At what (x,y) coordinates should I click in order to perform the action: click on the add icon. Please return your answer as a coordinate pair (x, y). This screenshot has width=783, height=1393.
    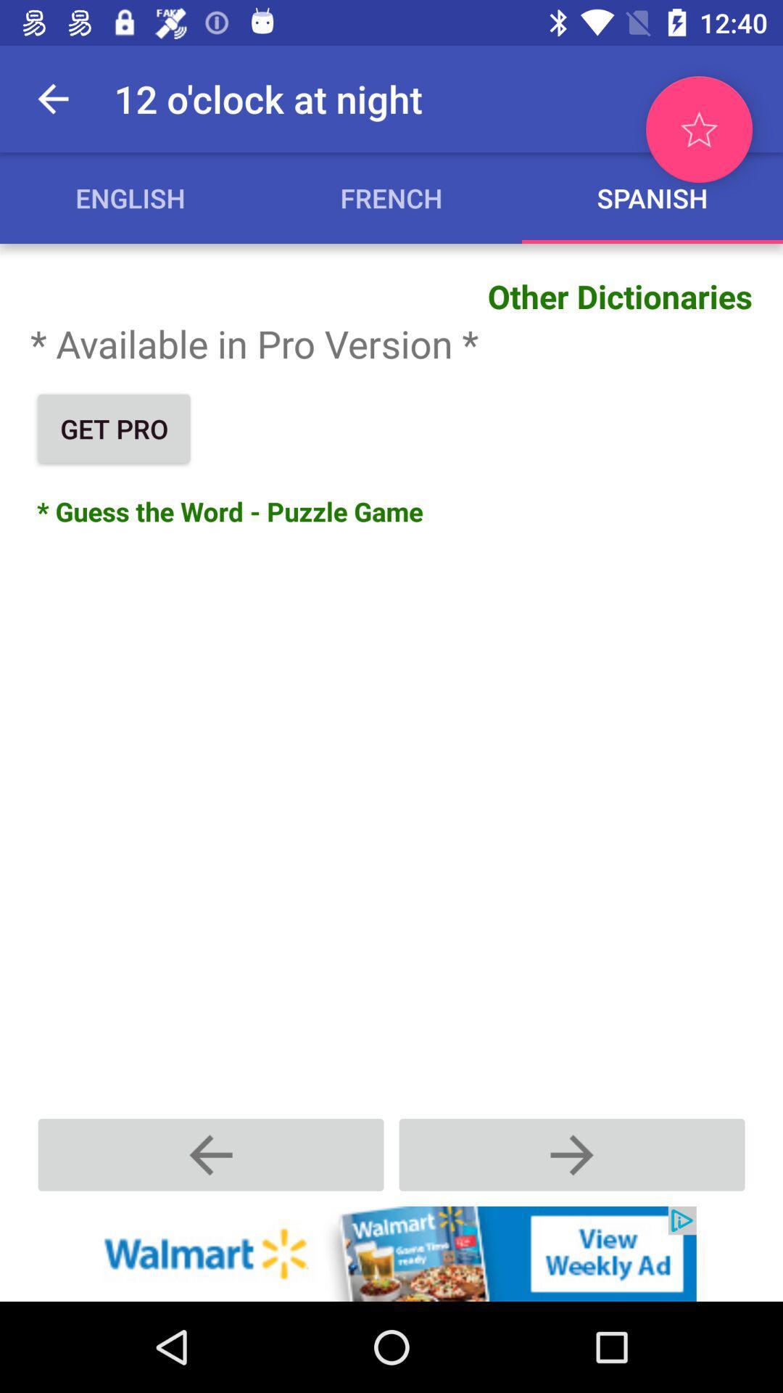
    Looking at the image, I should click on (571, 1154).